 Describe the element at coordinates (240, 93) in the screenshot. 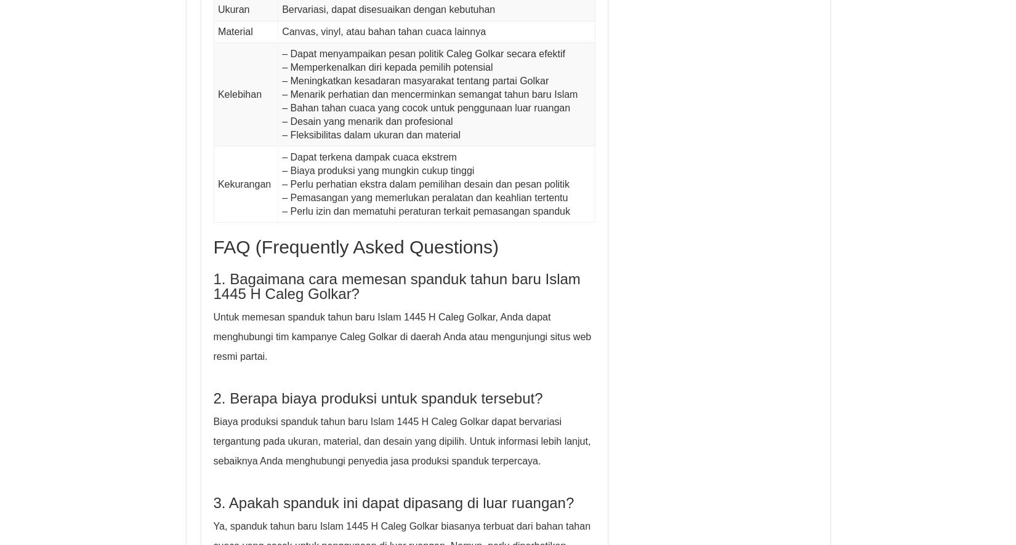

I see `'Kelebihan'` at that location.